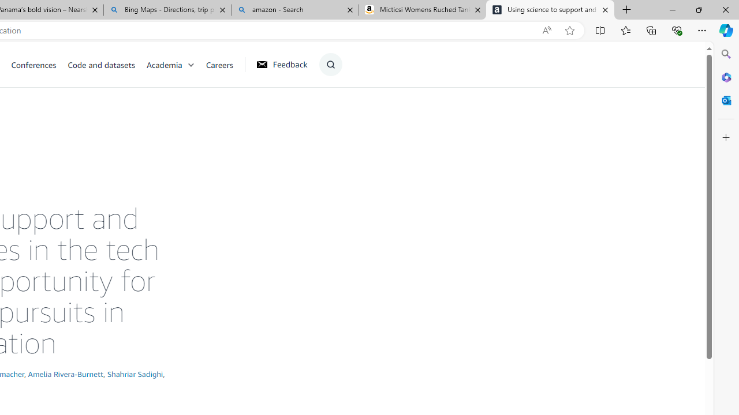 The image size is (739, 415). I want to click on 'Feedback', so click(282, 64).